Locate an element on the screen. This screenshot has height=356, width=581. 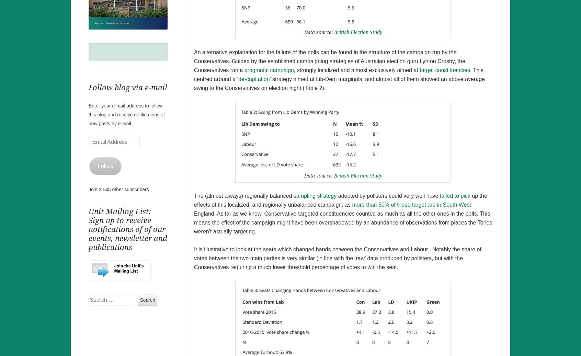
'pragmatic campaign' is located at coordinates (269, 69).